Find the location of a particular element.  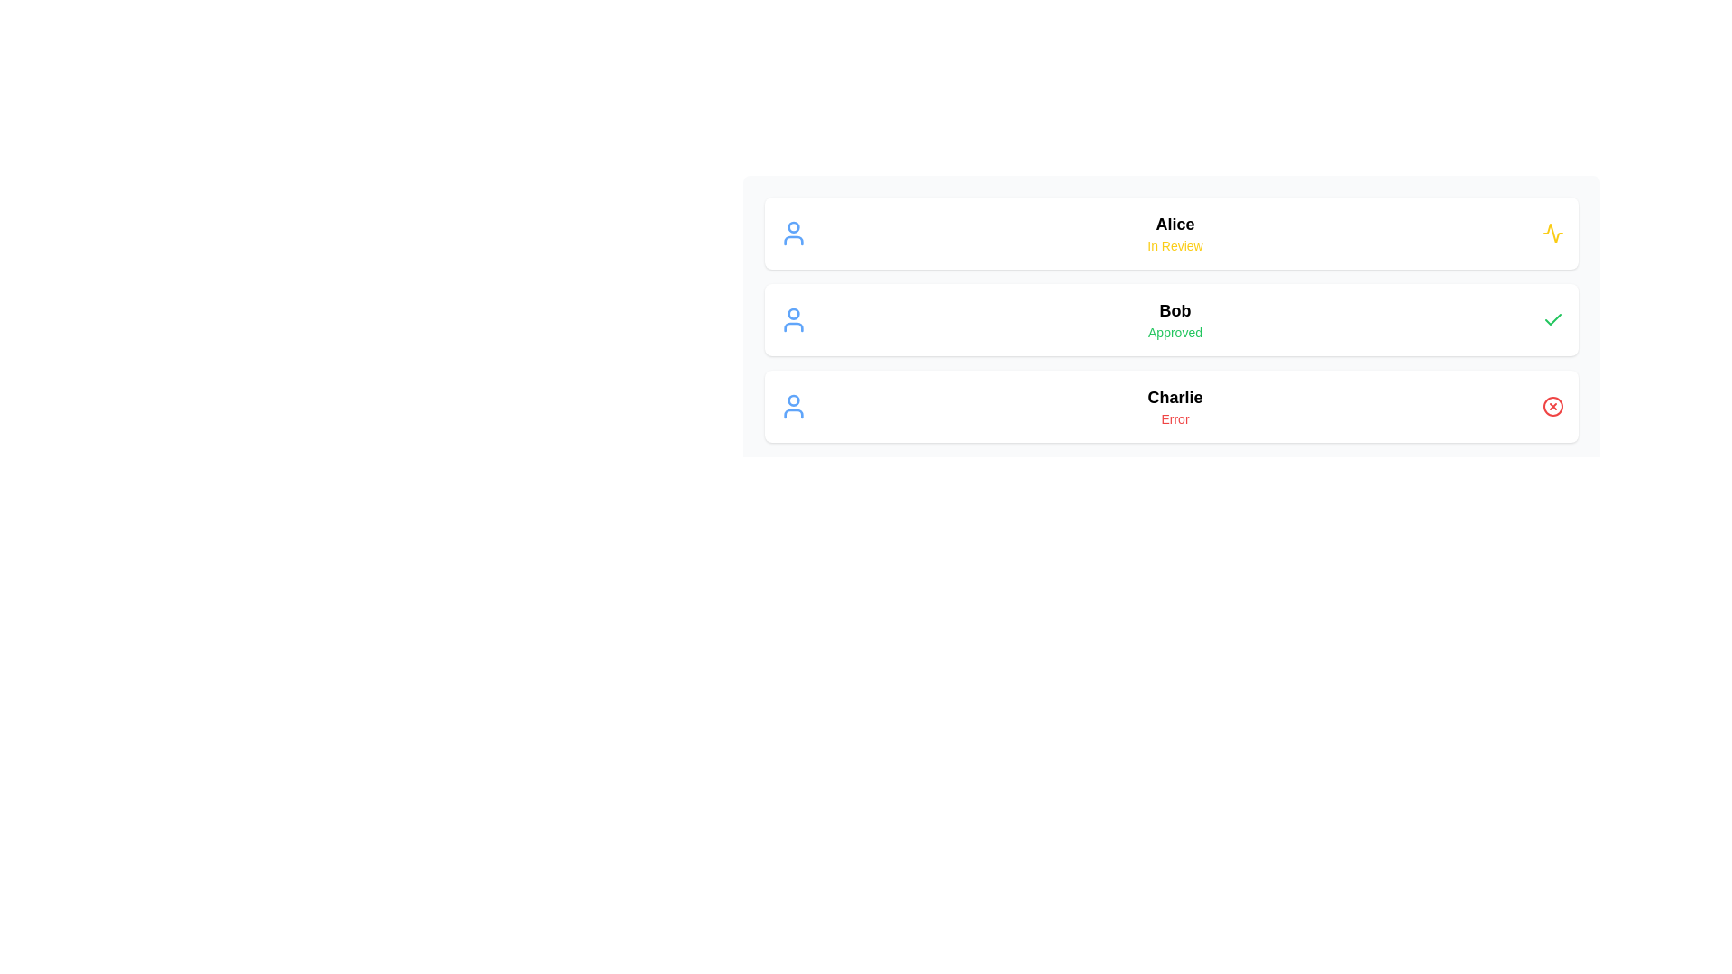

the Text Display Block that shows the name 'Alice' in bold and larger font with the status 'In Review' in smaller yellow font below it, located in the first section of a card layout is located at coordinates (1175, 232).